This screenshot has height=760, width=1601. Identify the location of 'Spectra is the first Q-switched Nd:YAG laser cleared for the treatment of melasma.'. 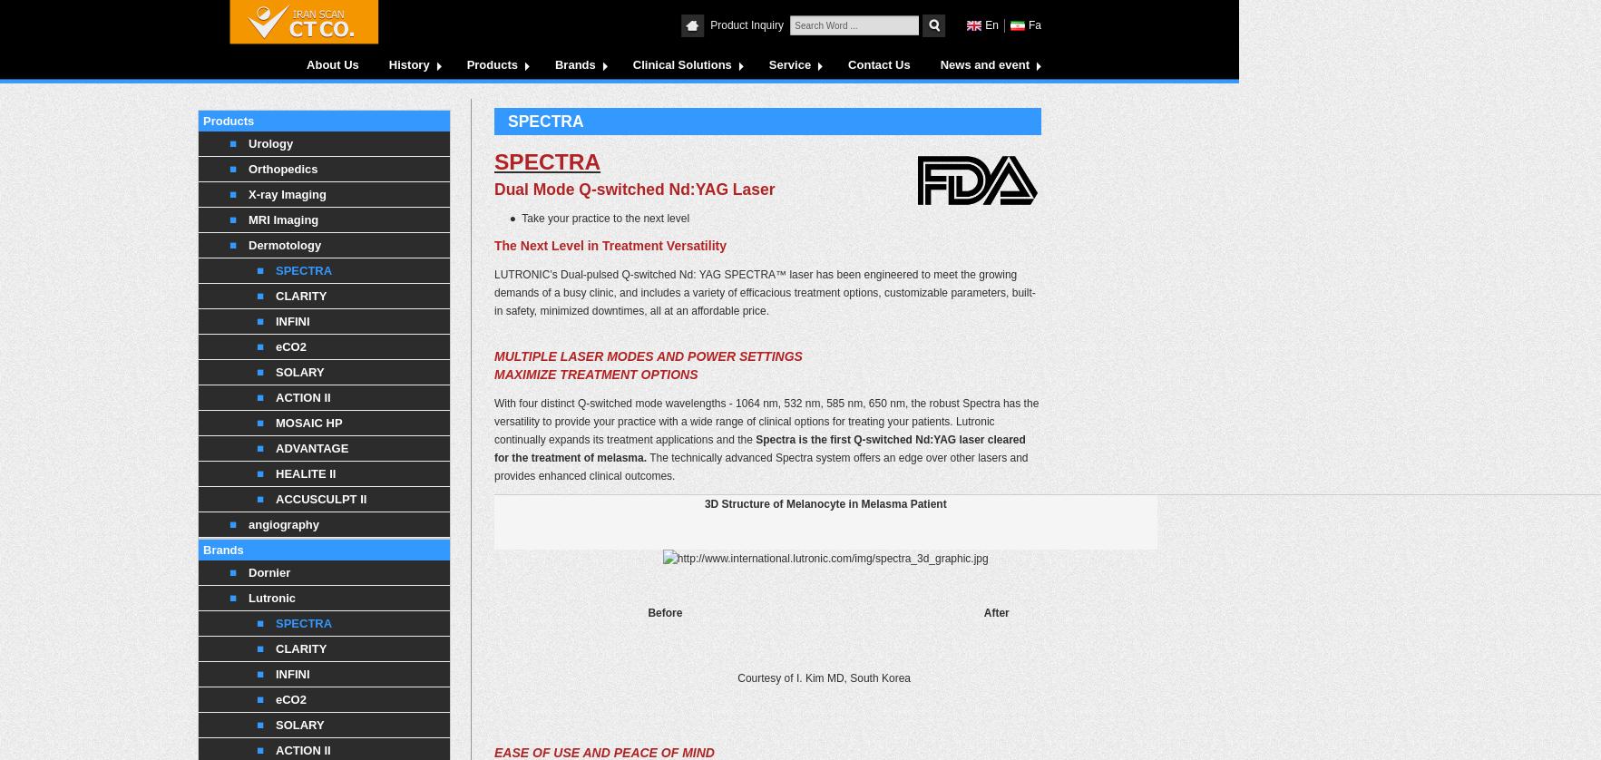
(758, 449).